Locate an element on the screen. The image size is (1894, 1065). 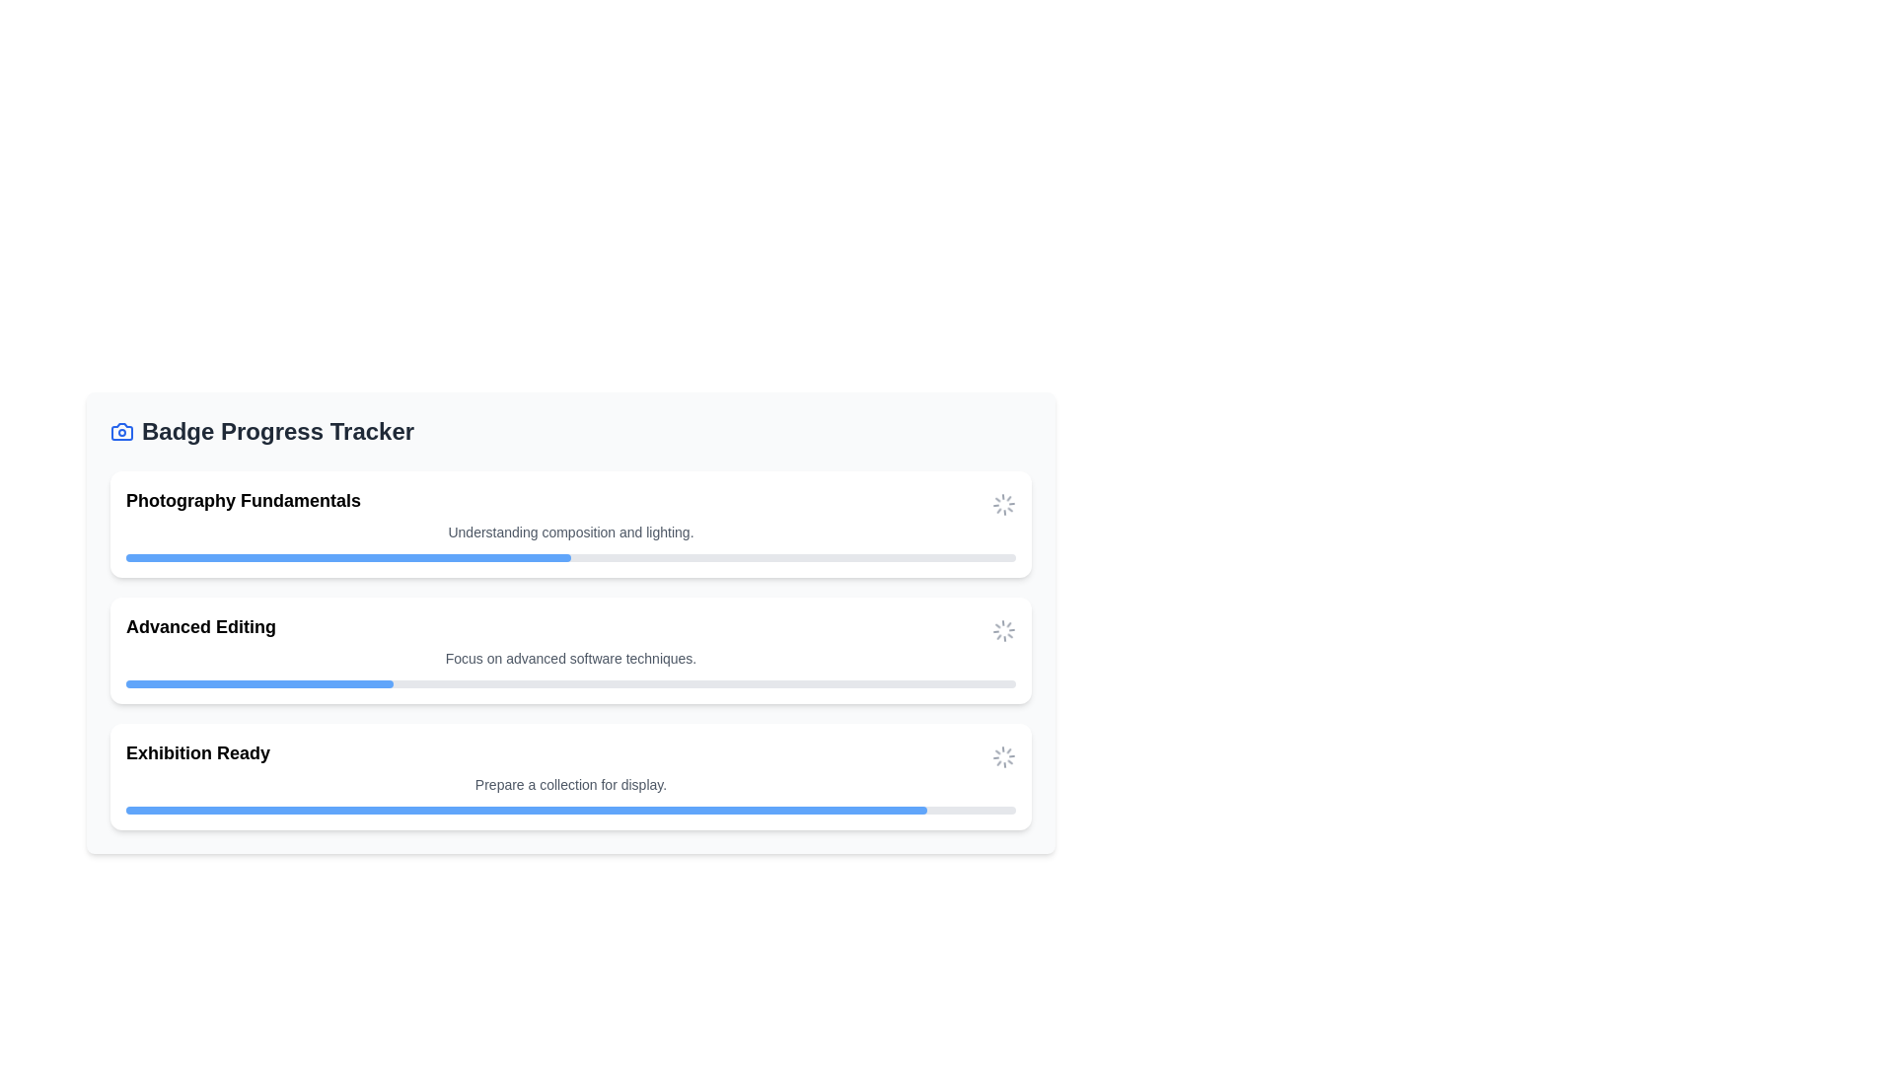
the Loader Indicator located within the 'Photography Fundamentals' section, which visually indicates an ongoing process or pending state is located at coordinates (1003, 502).